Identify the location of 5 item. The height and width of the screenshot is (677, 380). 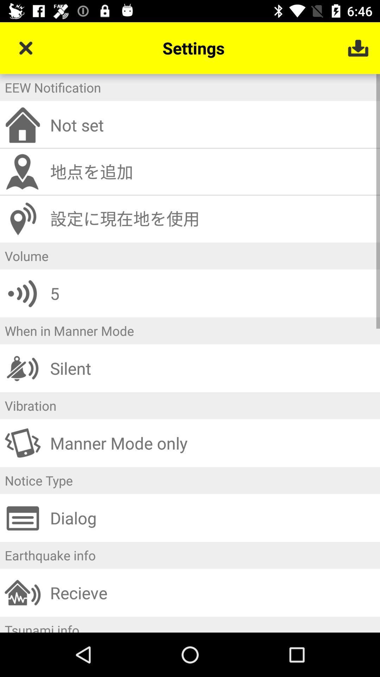
(212, 293).